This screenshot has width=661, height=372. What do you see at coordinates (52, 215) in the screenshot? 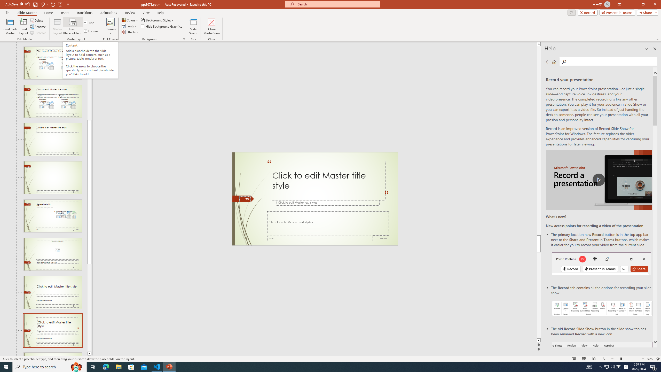
I see `'Slide Content with Caption Layout: used by no slides'` at bounding box center [52, 215].